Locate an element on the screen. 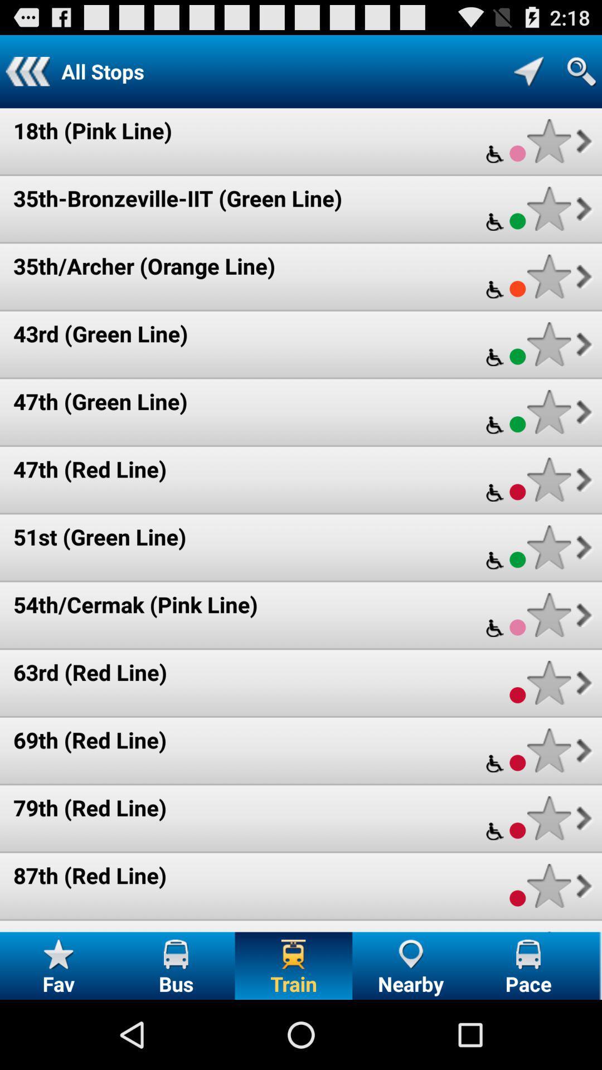  voltar a tela anterior is located at coordinates (27, 71).